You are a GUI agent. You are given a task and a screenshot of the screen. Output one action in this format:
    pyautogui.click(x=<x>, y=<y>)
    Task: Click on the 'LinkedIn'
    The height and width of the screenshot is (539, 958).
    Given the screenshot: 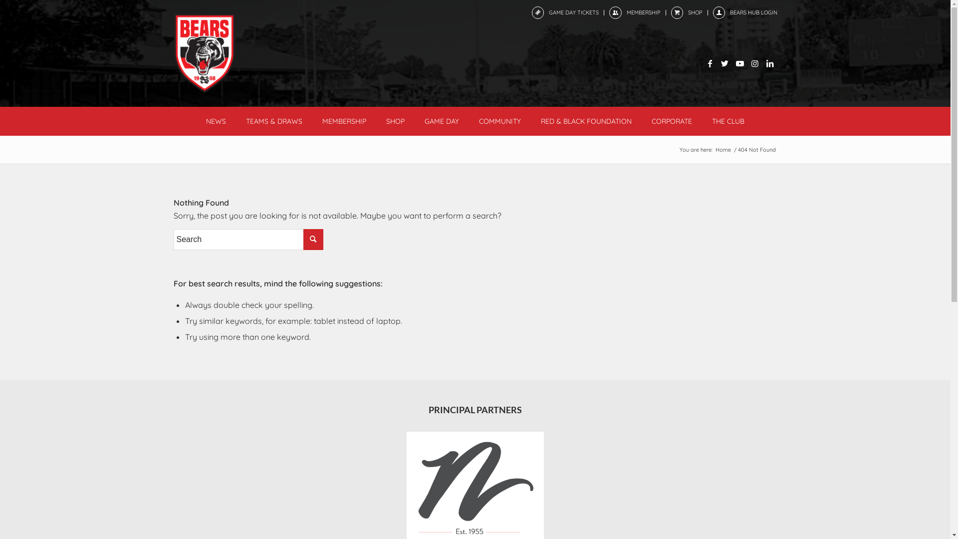 What is the action you would take?
    pyautogui.click(x=769, y=63)
    